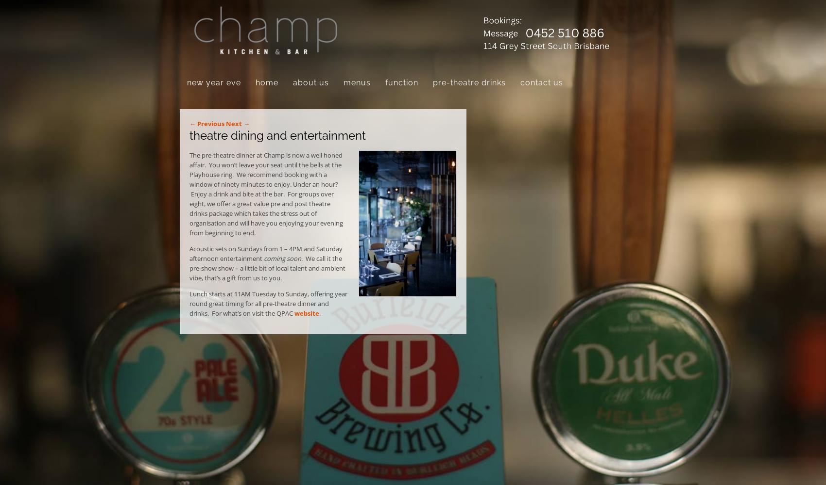 This screenshot has height=485, width=826. What do you see at coordinates (306, 313) in the screenshot?
I see `'website'` at bounding box center [306, 313].